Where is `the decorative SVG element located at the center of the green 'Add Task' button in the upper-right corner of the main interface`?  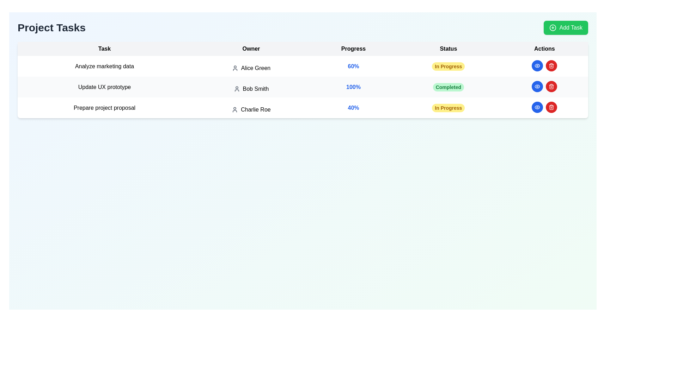
the decorative SVG element located at the center of the green 'Add Task' button in the upper-right corner of the main interface is located at coordinates (553, 27).